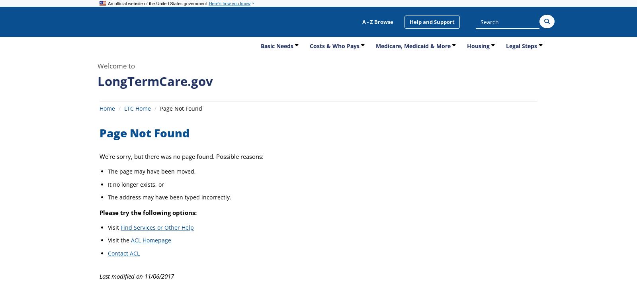  I want to click on 'It no longer exists, or', so click(108, 183).